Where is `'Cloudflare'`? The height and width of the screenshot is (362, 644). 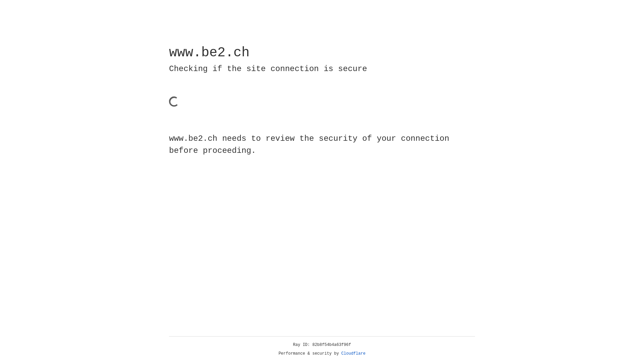 'Cloudflare' is located at coordinates (353, 353).